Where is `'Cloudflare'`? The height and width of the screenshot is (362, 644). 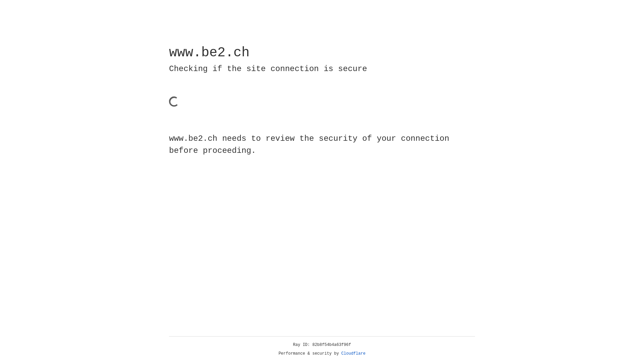 'Cloudflare' is located at coordinates (353, 353).